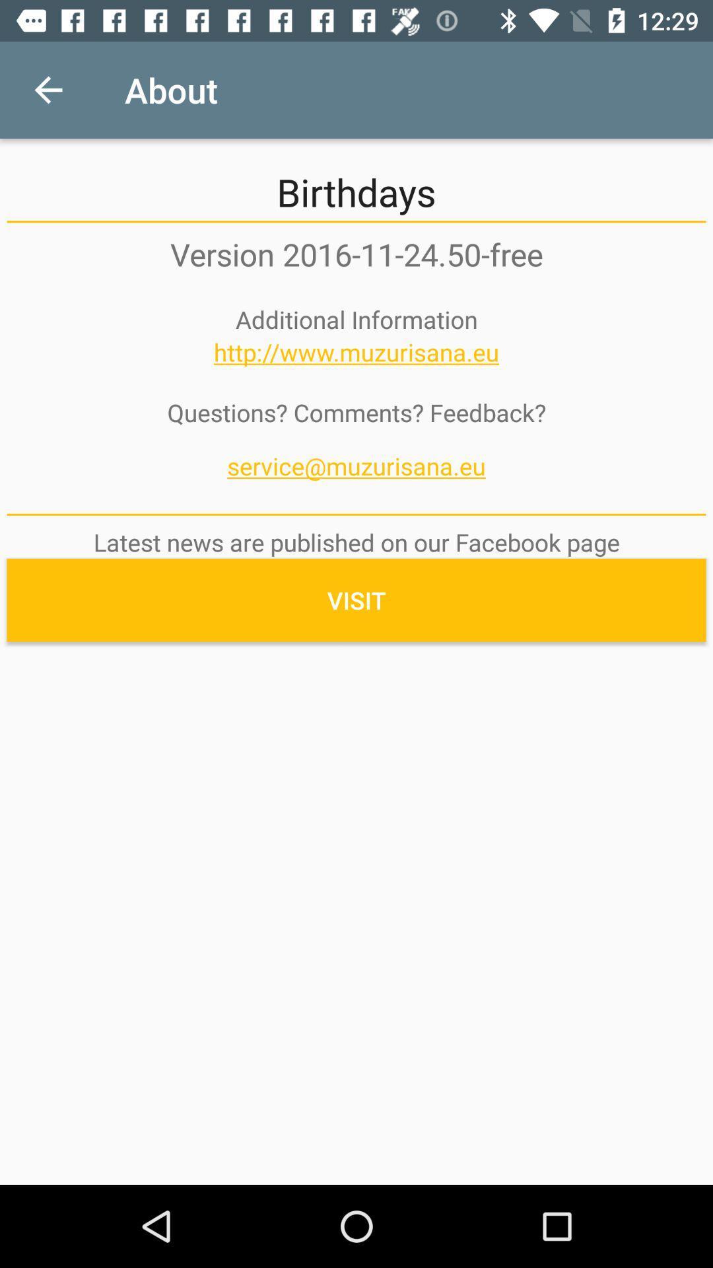  I want to click on icon above the birthdays item, so click(48, 89).